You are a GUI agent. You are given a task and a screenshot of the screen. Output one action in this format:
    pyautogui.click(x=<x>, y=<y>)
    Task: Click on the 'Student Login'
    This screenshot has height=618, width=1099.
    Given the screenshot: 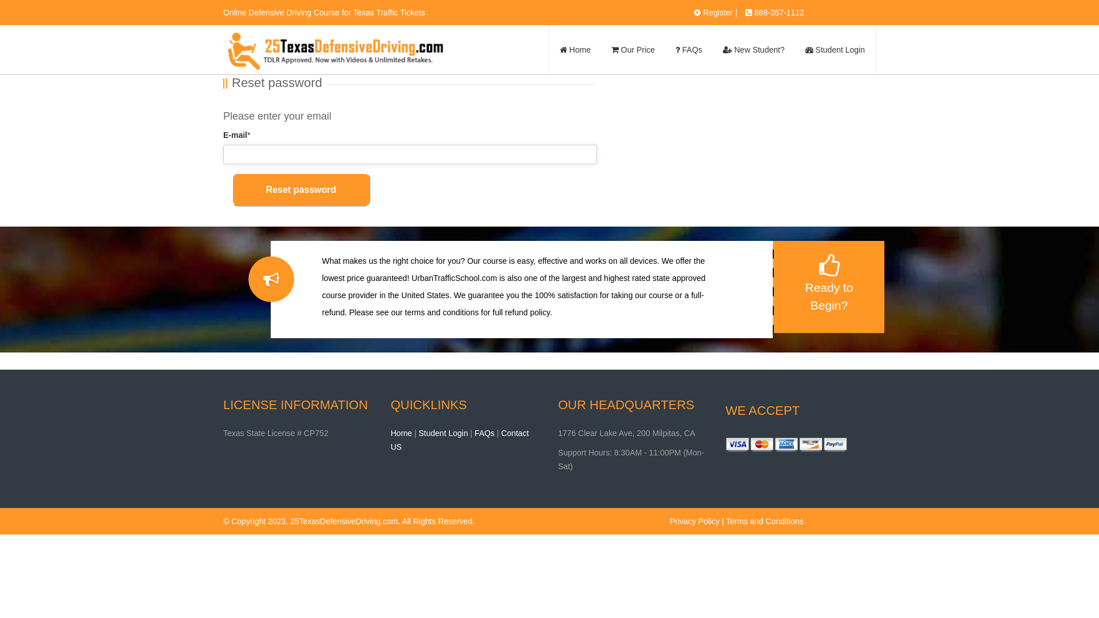 What is the action you would take?
    pyautogui.click(x=417, y=433)
    